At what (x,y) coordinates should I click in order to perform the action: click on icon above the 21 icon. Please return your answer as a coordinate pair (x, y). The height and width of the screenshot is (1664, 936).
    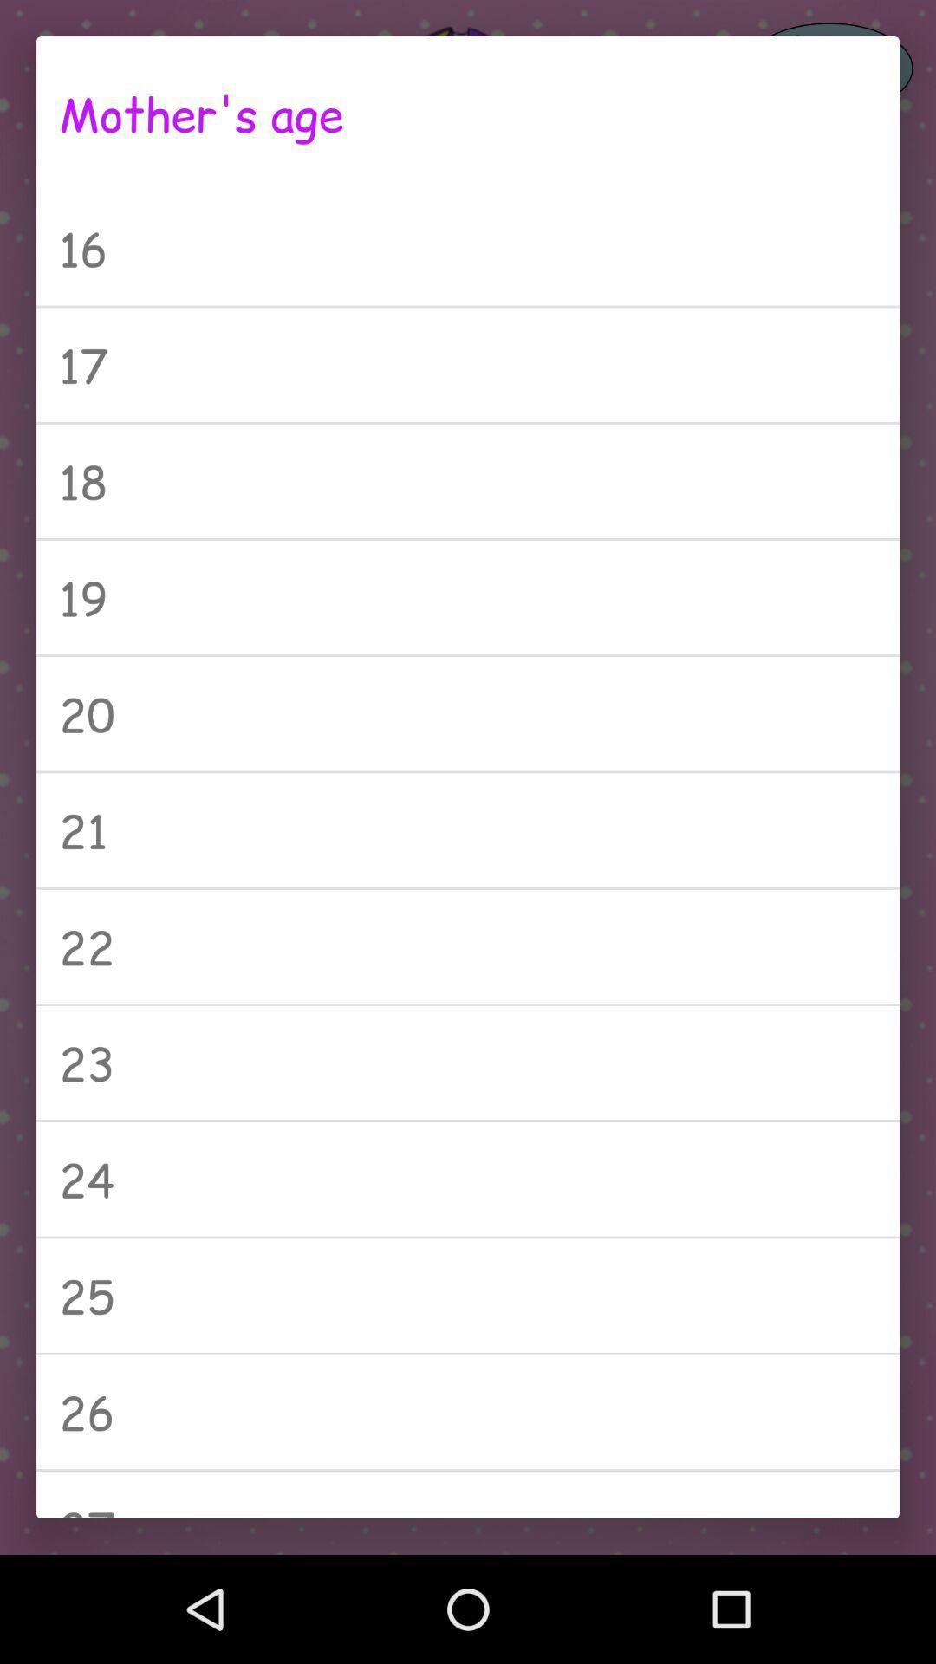
    Looking at the image, I should click on (468, 713).